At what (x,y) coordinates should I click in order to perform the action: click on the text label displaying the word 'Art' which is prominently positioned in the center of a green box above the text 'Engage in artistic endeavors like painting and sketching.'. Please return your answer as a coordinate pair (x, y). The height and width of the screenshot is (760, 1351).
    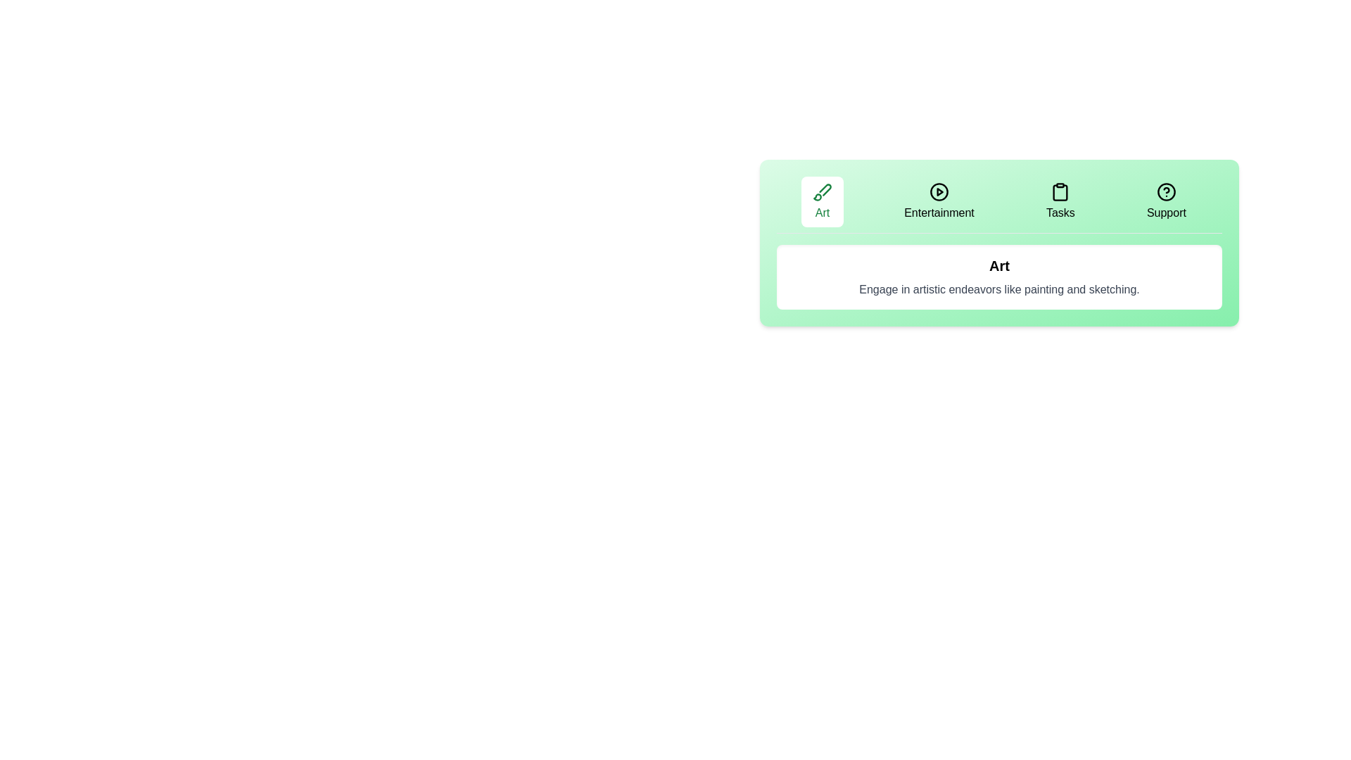
    Looking at the image, I should click on (998, 266).